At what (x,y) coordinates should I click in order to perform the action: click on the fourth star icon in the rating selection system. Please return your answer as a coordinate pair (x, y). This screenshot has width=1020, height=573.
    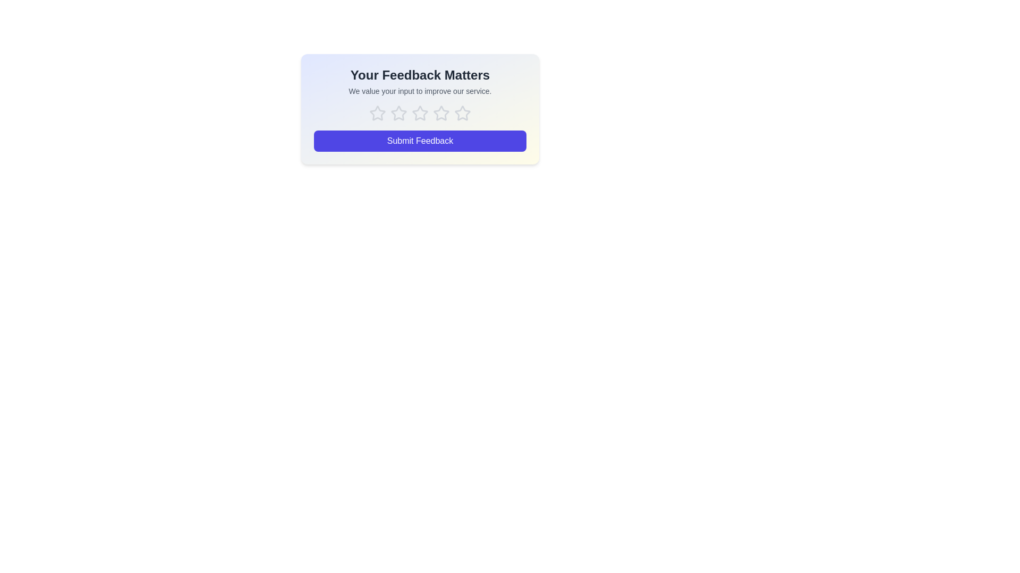
    Looking at the image, I should click on (441, 113).